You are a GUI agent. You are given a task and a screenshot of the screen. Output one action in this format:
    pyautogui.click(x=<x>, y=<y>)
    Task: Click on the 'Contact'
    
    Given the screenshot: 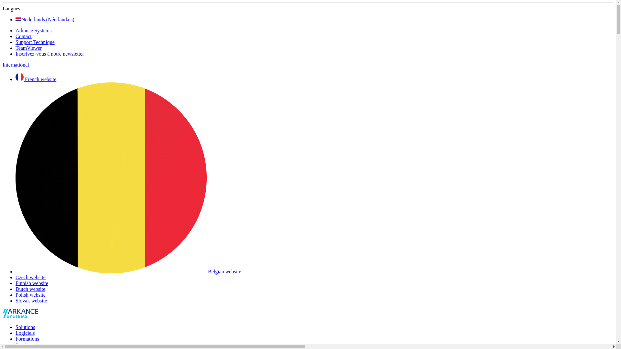 What is the action you would take?
    pyautogui.click(x=23, y=36)
    